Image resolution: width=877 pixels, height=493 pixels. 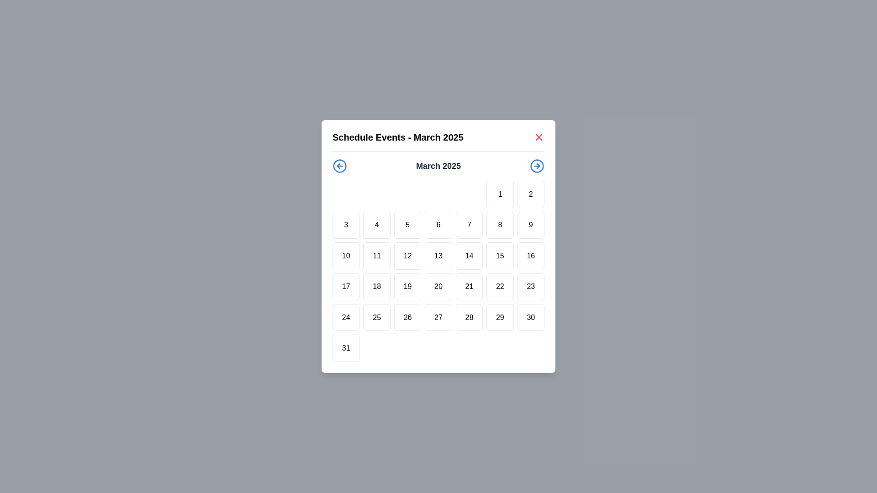 What do you see at coordinates (438, 256) in the screenshot?
I see `the interactive calendar day button representing the 13th day to trigger a hover effect` at bounding box center [438, 256].